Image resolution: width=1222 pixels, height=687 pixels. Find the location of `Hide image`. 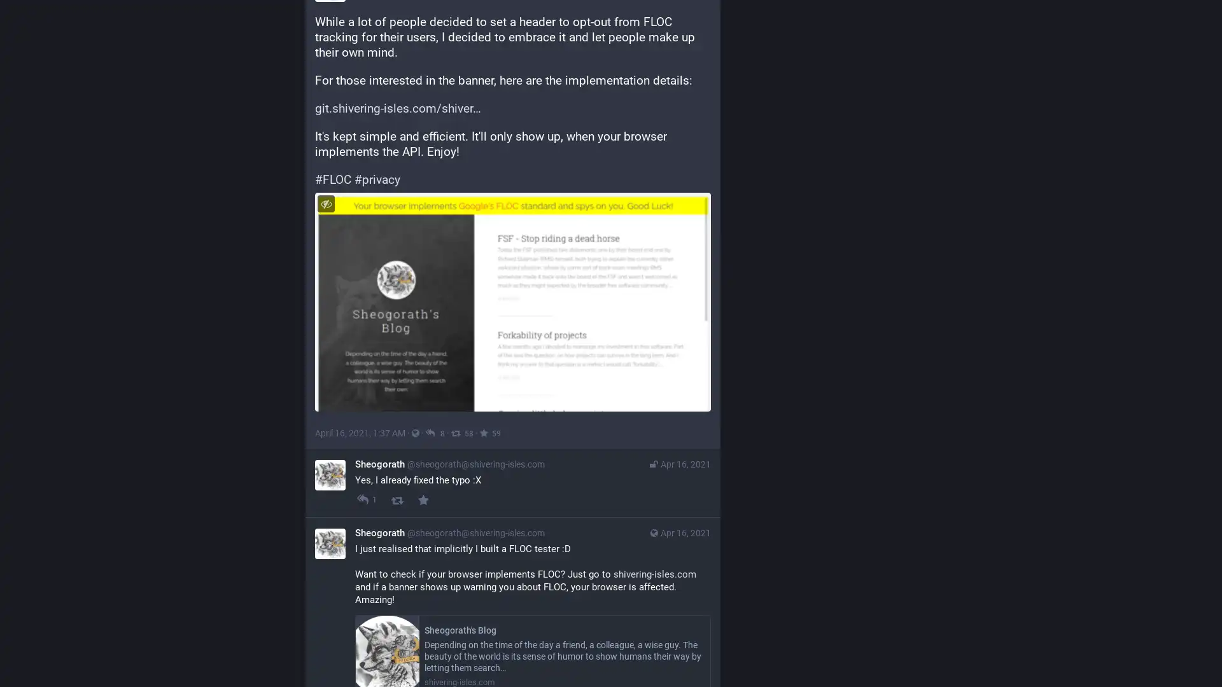

Hide image is located at coordinates (326, 203).